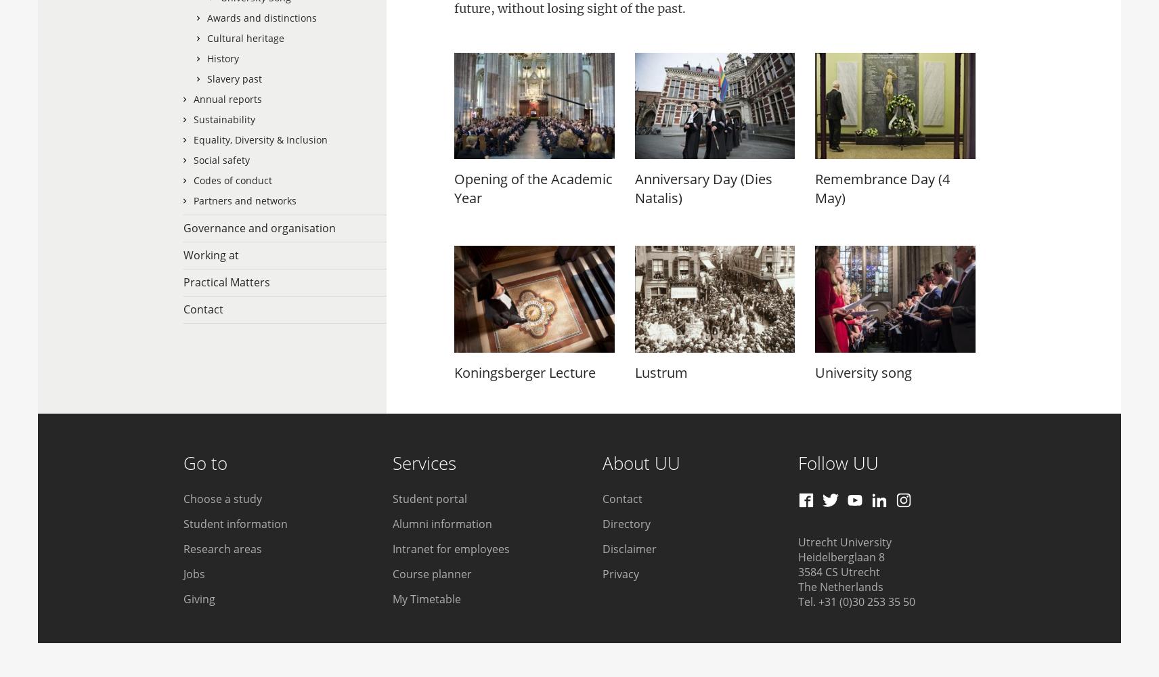  Describe the element at coordinates (206, 18) in the screenshot. I see `'Awards and distinctions'` at that location.